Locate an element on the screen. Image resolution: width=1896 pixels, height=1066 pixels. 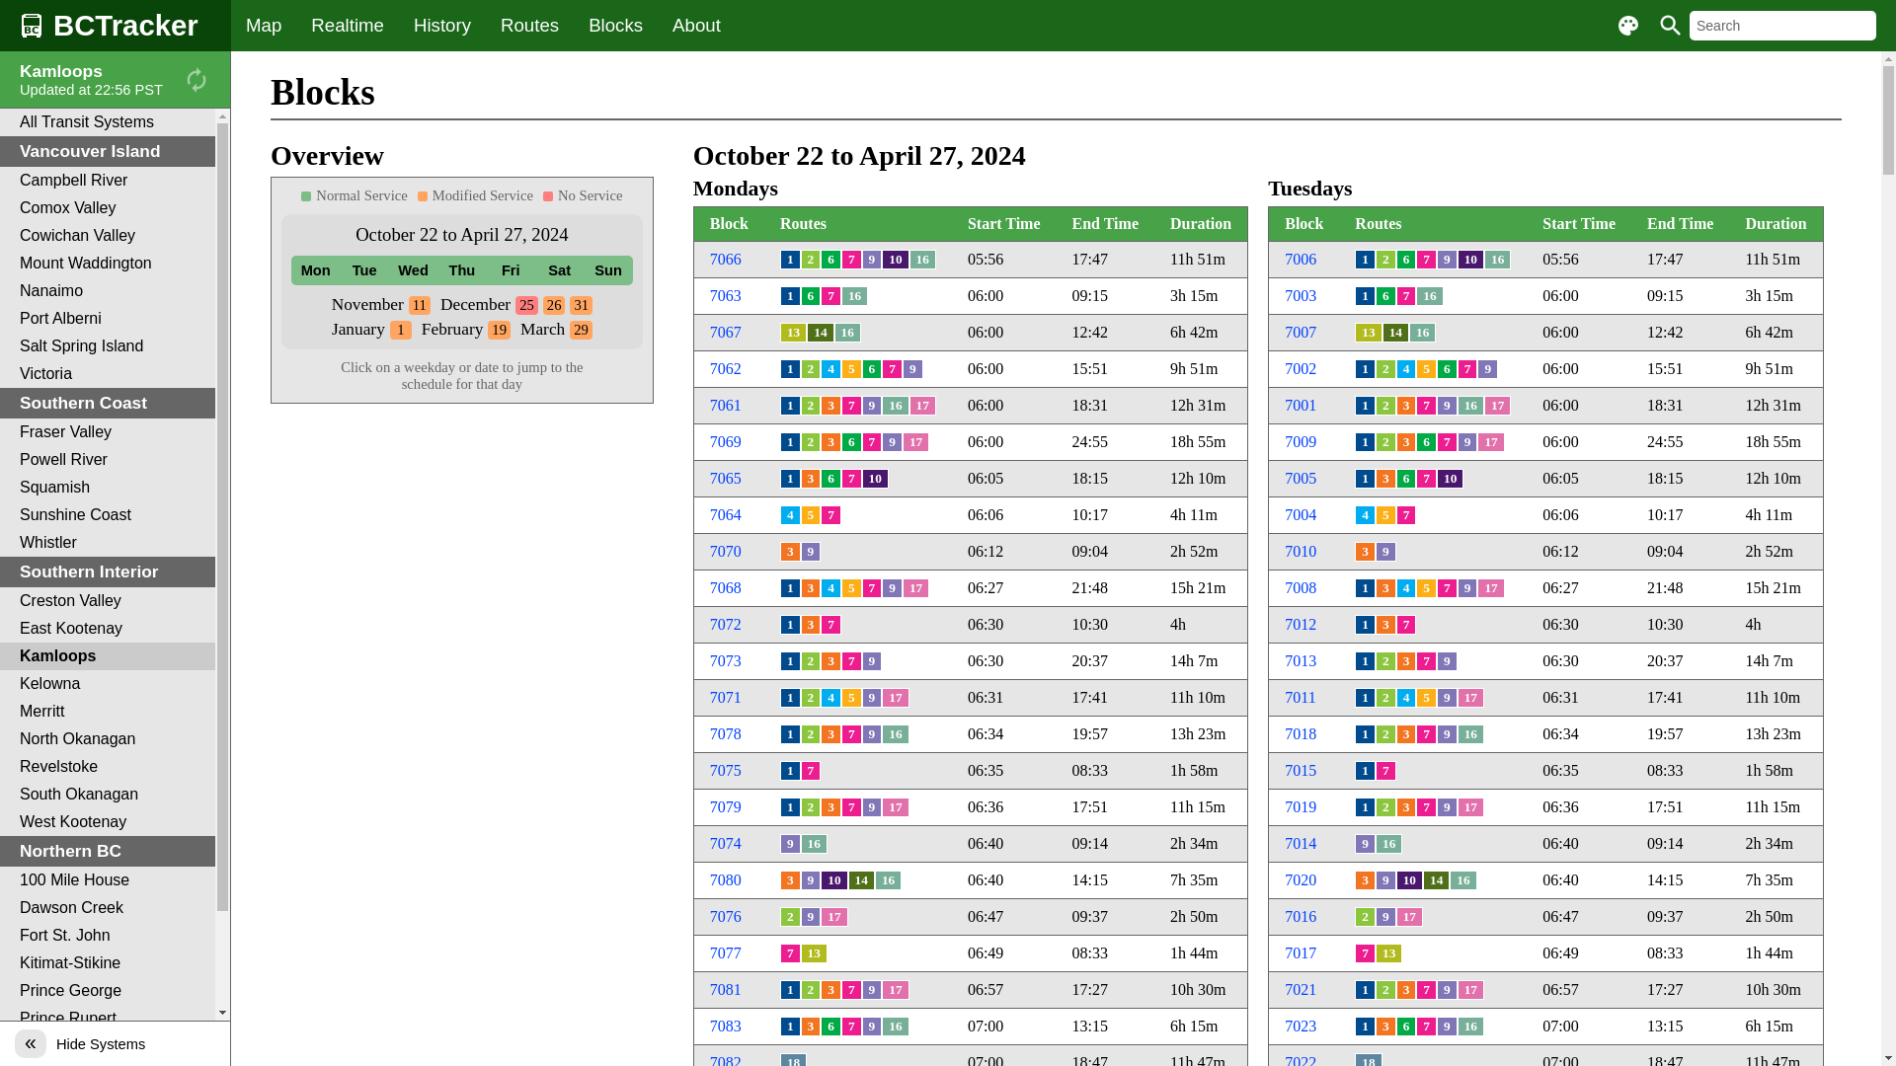
'7' is located at coordinates (1384, 769).